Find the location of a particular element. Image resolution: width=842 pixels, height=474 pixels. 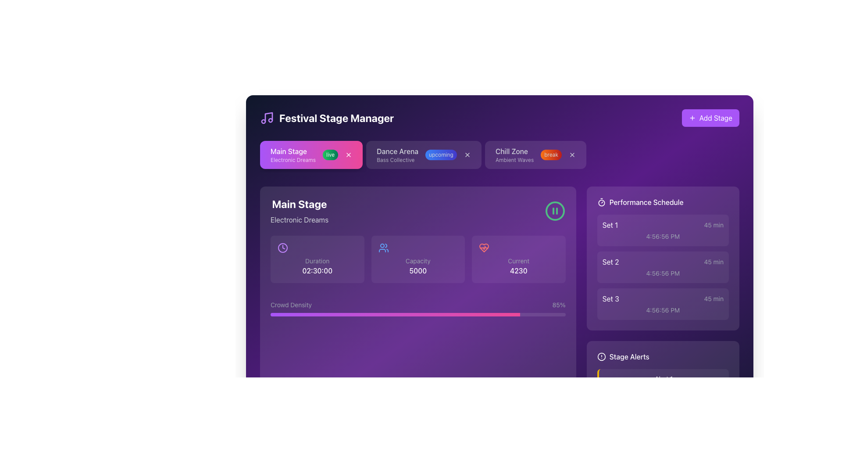

the Informational card displaying the 'Capacity' label, which features a two-person glyph icon and a numerical value of '5000' in bold white font, positioned centrally between the 'Duration' and 'Current' cards is located at coordinates (417, 259).